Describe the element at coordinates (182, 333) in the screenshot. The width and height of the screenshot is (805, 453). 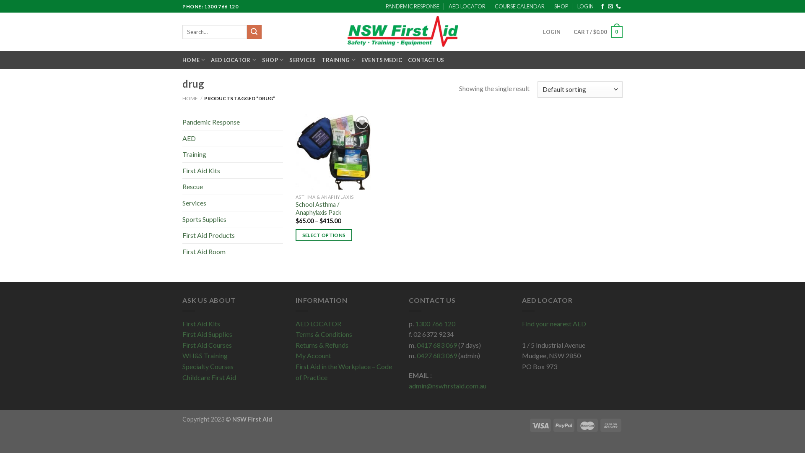
I see `'First Aid Supplies'` at that location.